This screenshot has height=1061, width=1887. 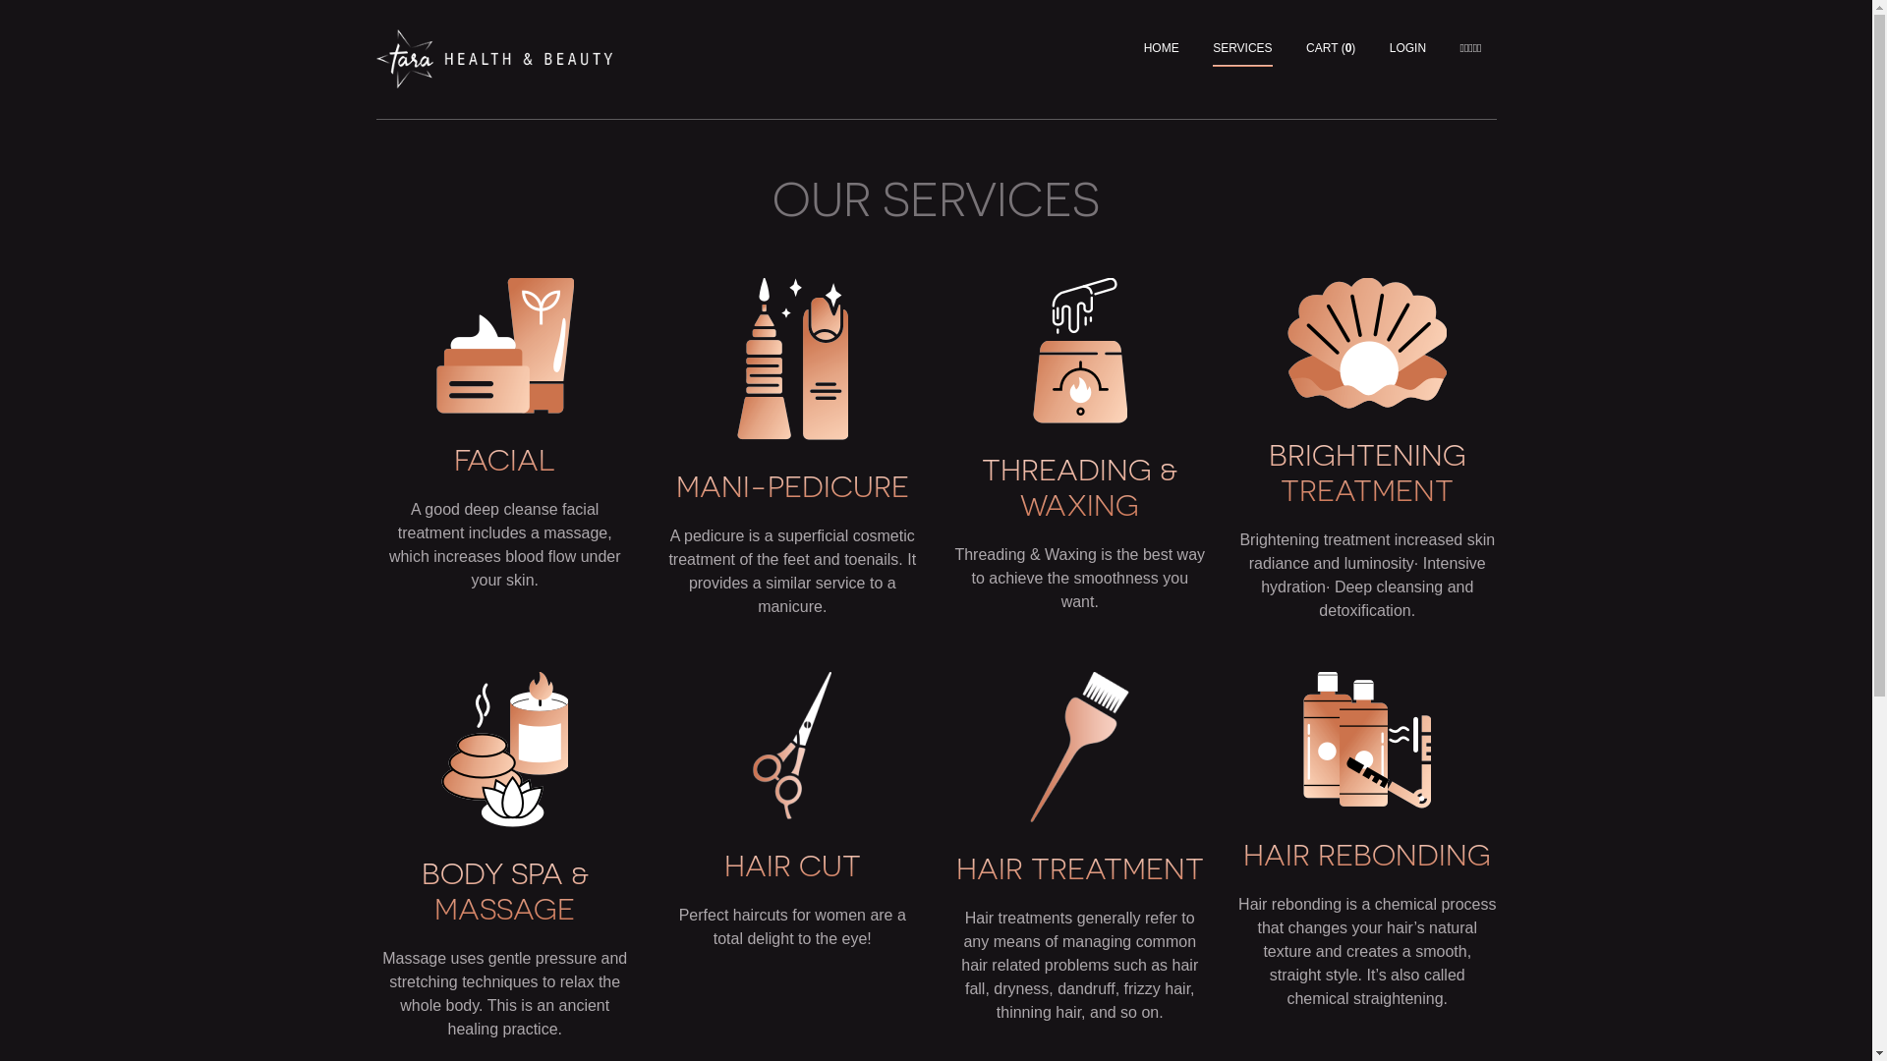 What do you see at coordinates (1211, 47) in the screenshot?
I see `'SERVICES'` at bounding box center [1211, 47].